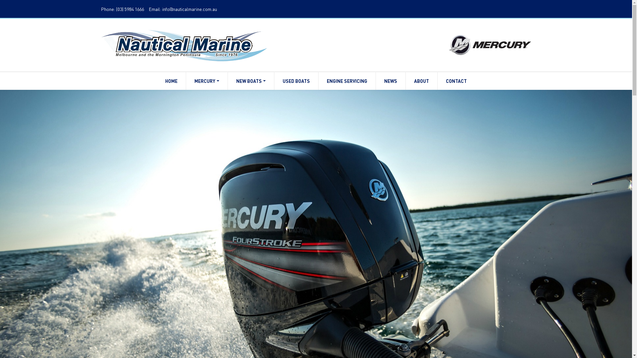  Describe the element at coordinates (250, 81) in the screenshot. I see `'NEW BOATS'` at that location.